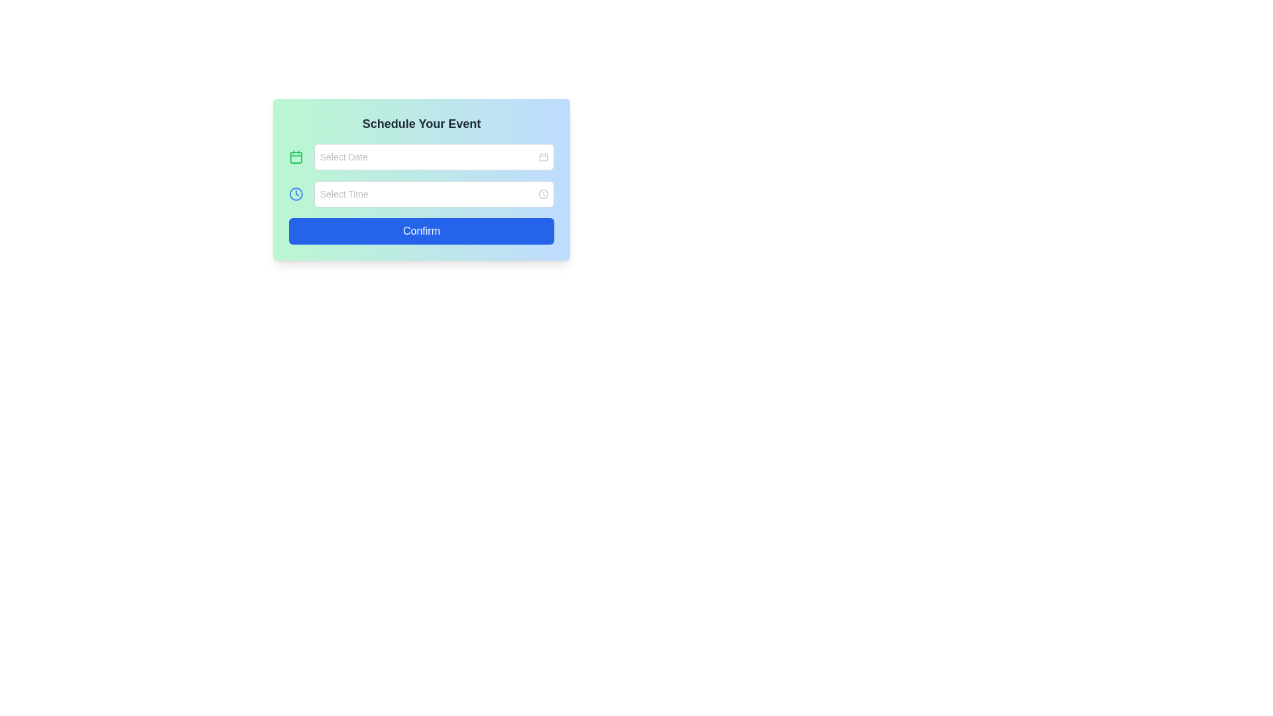  I want to click on a date from the date input field located in the upper section of the 'Schedule Your Event' form panel, positioned to the right of a calendar icon, so click(428, 156).